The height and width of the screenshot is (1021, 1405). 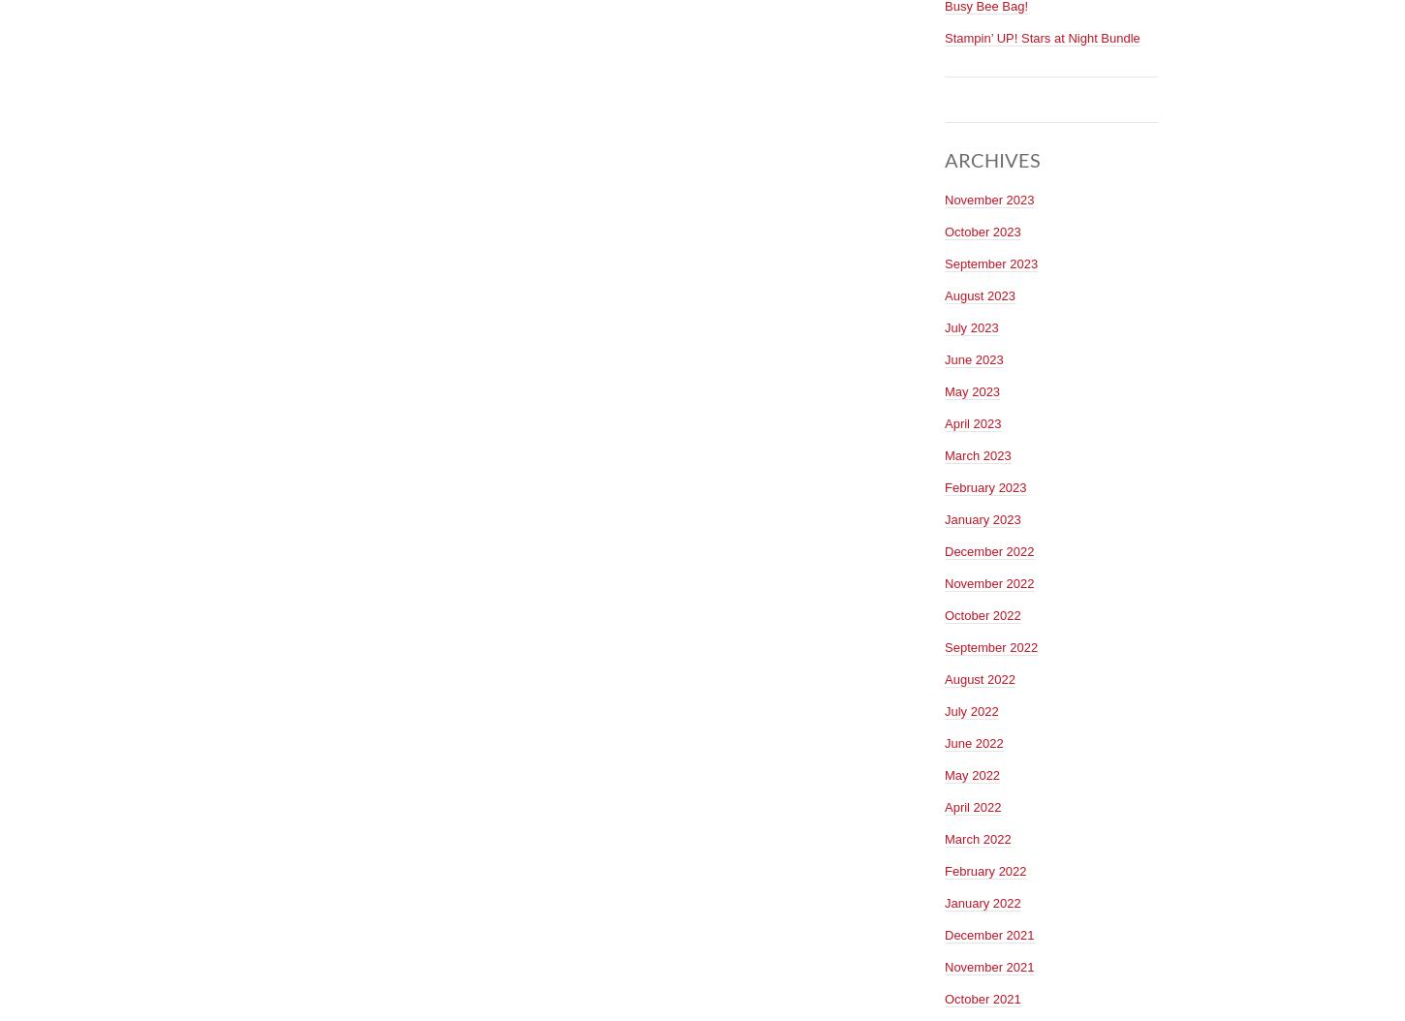 I want to click on 'April 2022', so click(x=944, y=805).